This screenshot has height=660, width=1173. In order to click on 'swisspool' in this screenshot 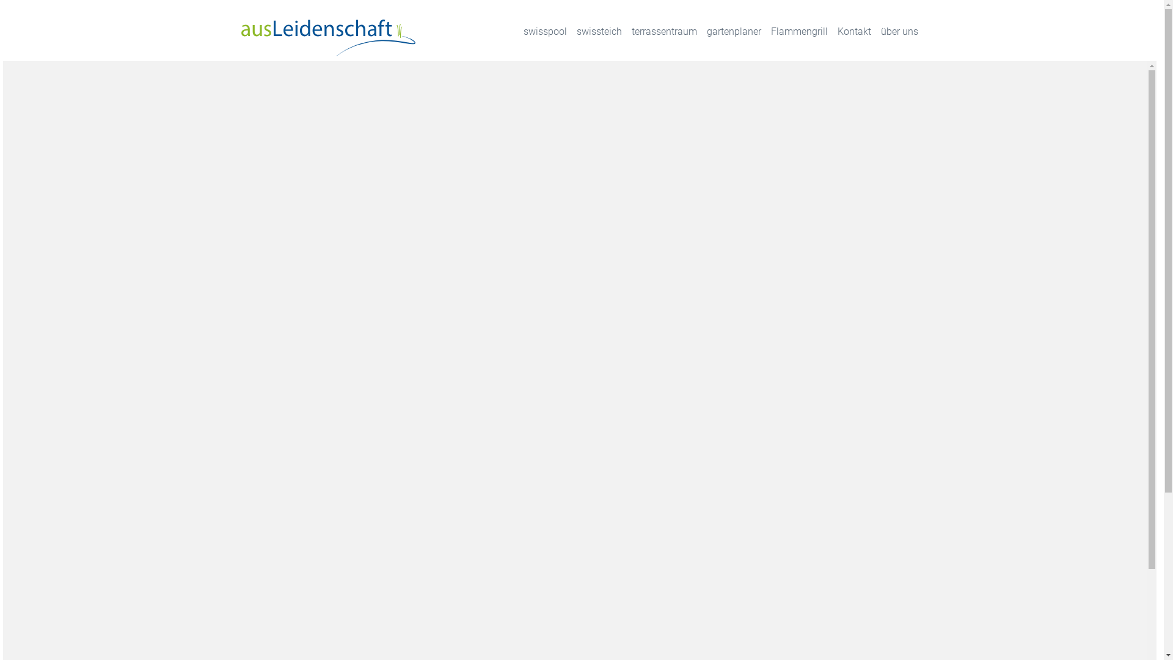, I will do `click(544, 31)`.